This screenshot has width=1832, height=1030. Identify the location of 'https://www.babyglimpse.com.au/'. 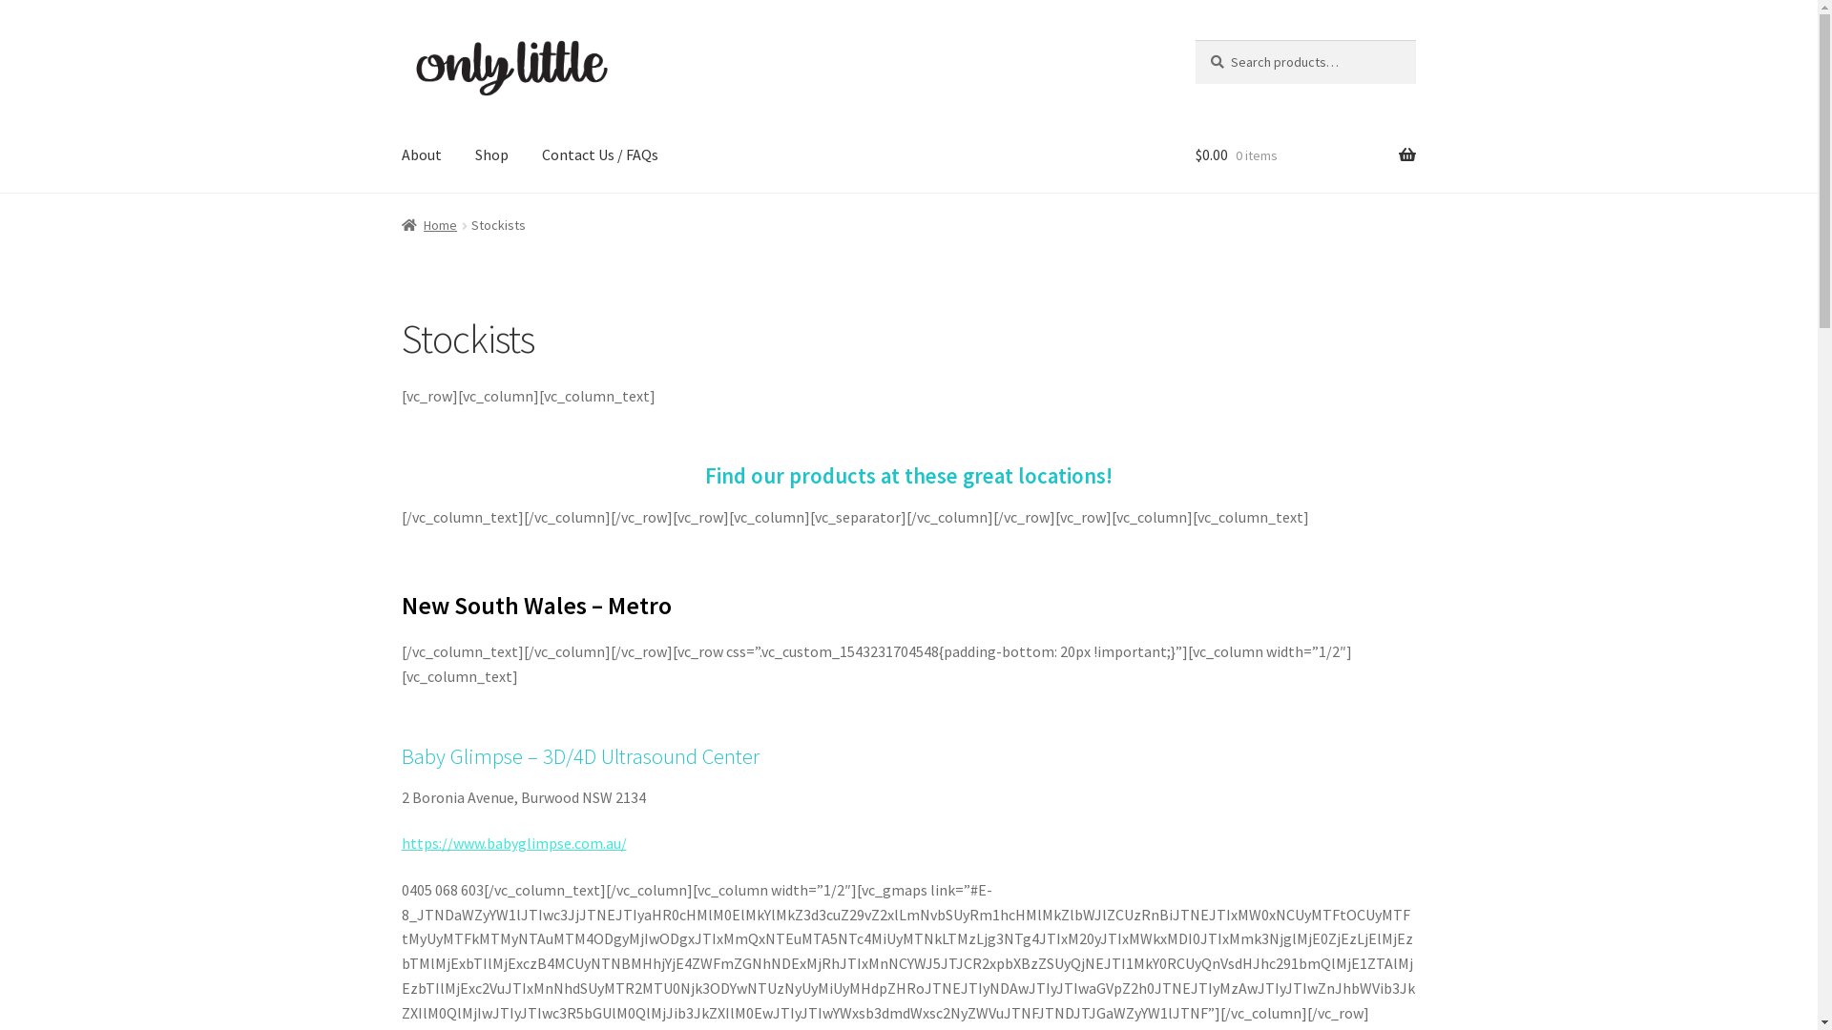
(513, 841).